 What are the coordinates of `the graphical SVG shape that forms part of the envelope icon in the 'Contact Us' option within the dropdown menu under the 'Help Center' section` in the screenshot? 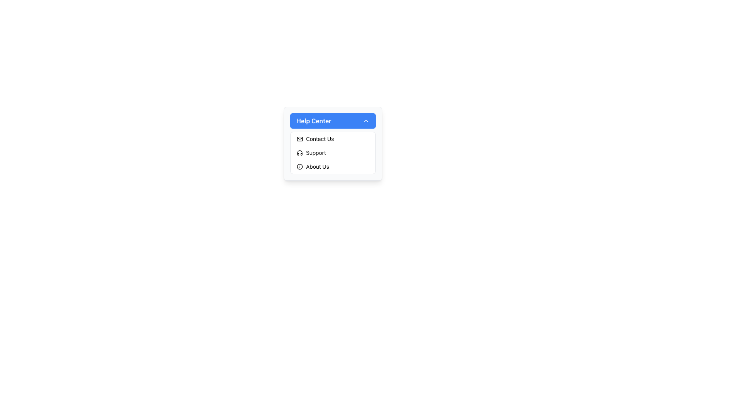 It's located at (299, 139).